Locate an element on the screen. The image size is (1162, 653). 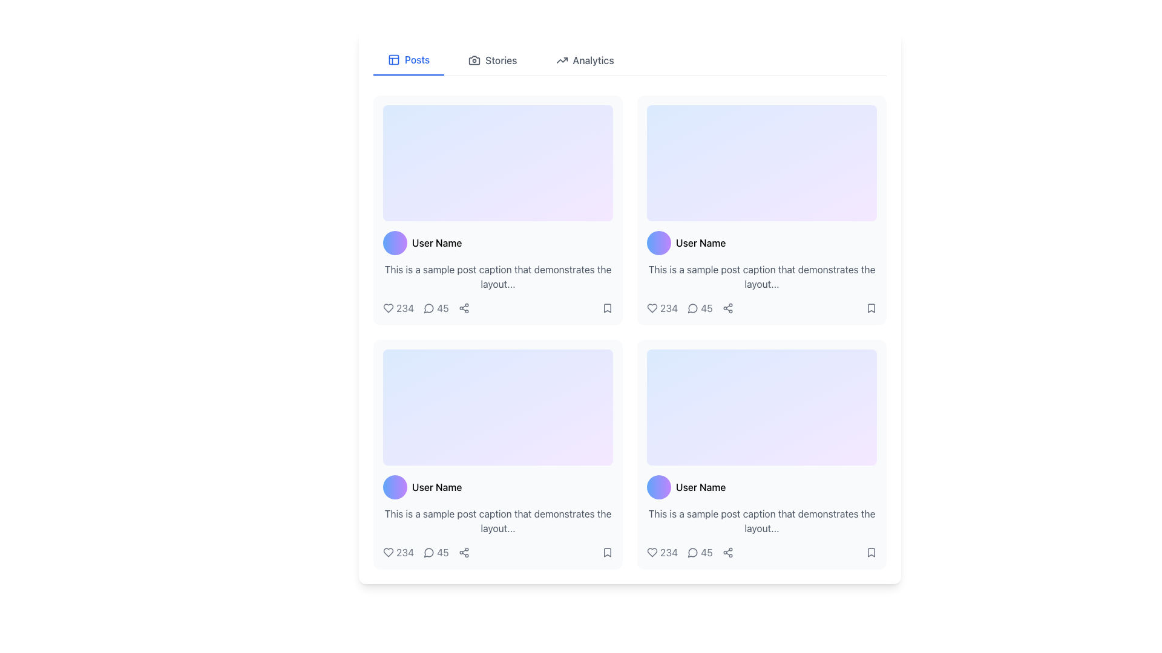
the numeric label button representing the number of likes in the bottom left corner of the card to like or unlike the post is located at coordinates (661, 307).